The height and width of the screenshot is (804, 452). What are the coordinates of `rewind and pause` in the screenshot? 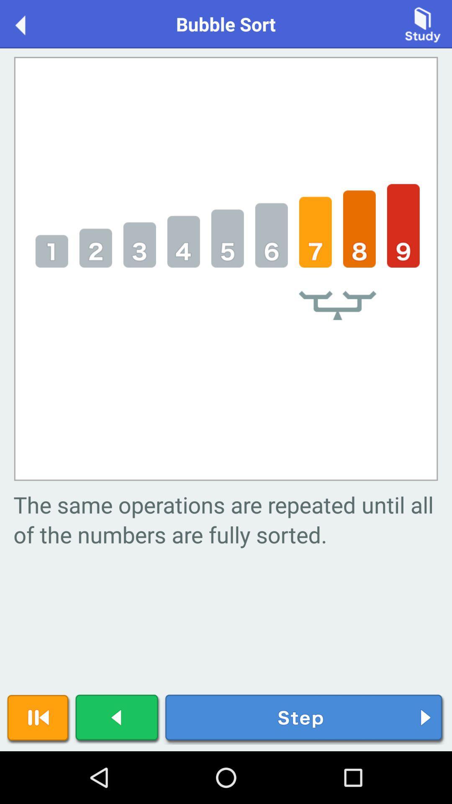 It's located at (39, 719).